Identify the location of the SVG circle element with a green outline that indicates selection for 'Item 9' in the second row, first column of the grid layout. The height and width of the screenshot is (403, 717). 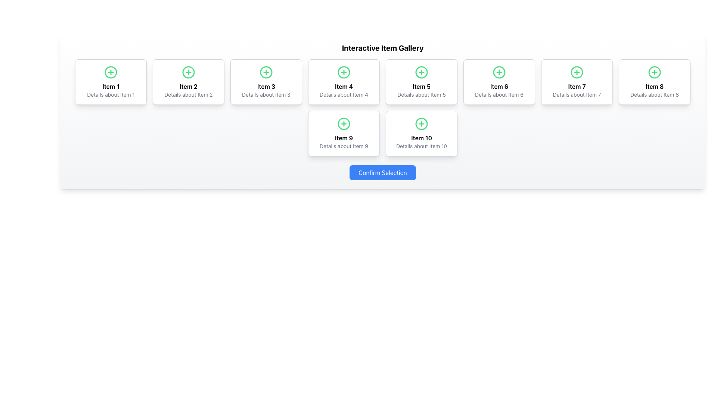
(344, 123).